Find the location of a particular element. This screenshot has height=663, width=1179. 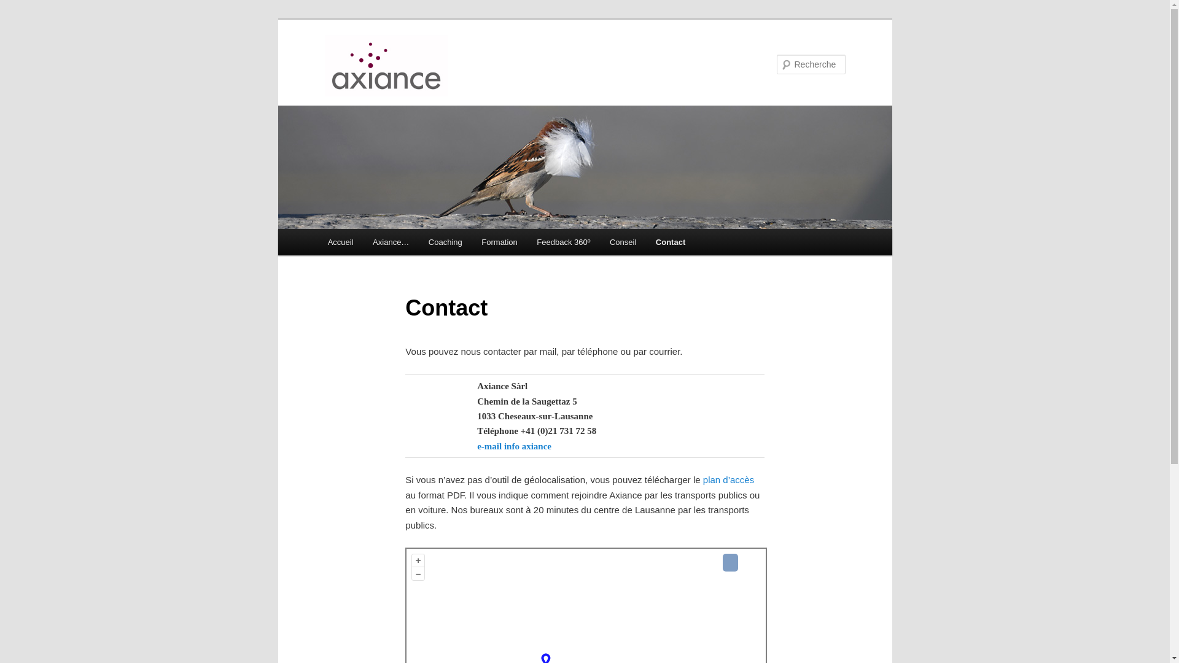

'Contact' is located at coordinates (670, 242).